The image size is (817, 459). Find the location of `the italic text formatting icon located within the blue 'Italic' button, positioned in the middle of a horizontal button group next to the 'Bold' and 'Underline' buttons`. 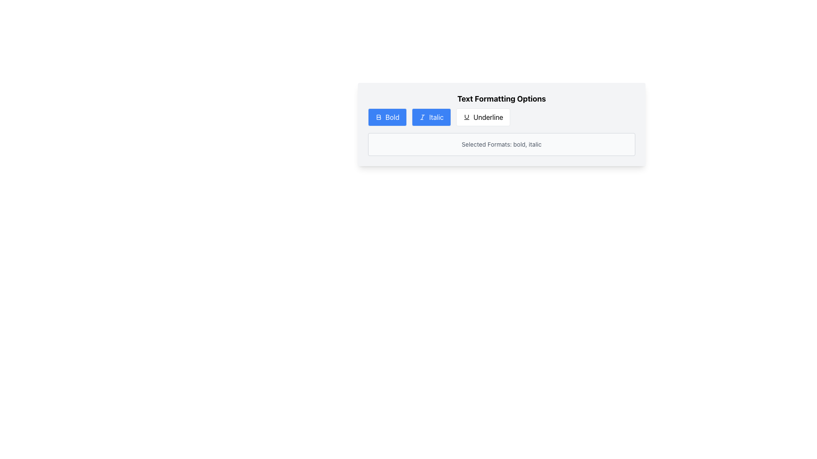

the italic text formatting icon located within the blue 'Italic' button, positioned in the middle of a horizontal button group next to the 'Bold' and 'Underline' buttons is located at coordinates (422, 117).